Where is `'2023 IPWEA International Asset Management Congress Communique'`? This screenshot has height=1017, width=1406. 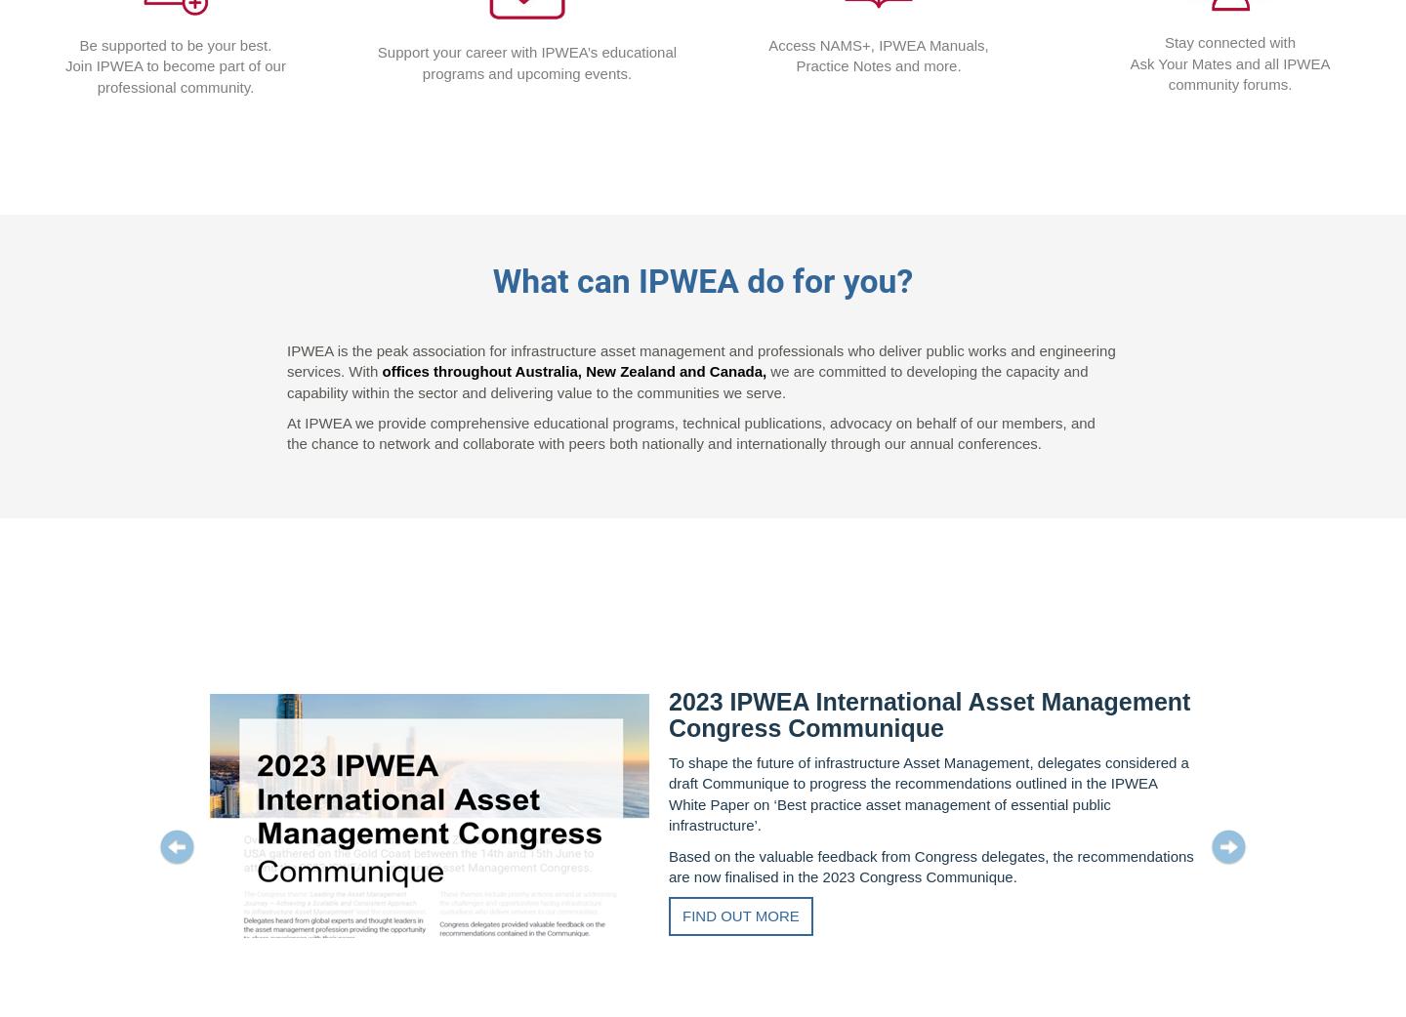
'2023 IPWEA International Asset Management Congress Communique' is located at coordinates (929, 713).